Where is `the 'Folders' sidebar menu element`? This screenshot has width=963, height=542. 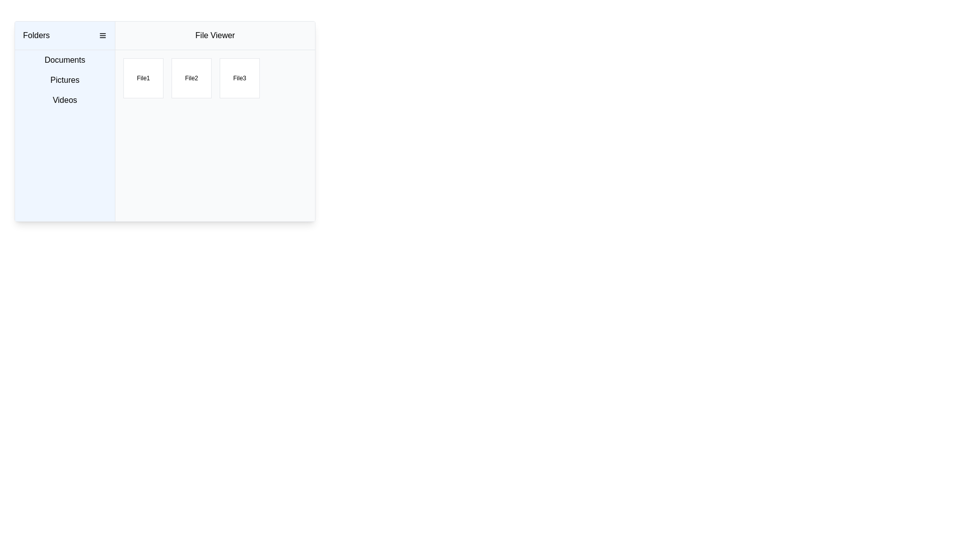
the 'Folders' sidebar menu element is located at coordinates (64, 121).